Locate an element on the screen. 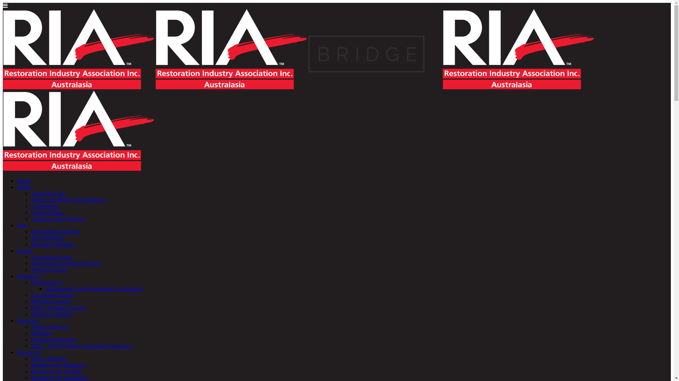 Image resolution: width=679 pixels, height=381 pixels. 'Committees' is located at coordinates (30, 206).